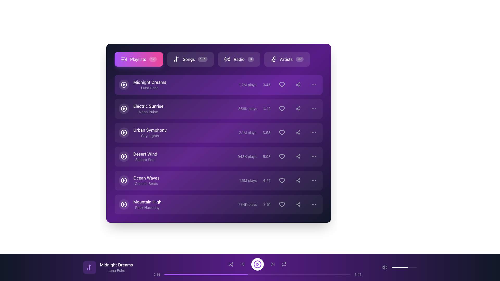 This screenshot has width=500, height=281. What do you see at coordinates (149, 88) in the screenshot?
I see `the text label providing additional context for 'Midnight Dreams', located in the second row of the list directly below the main label` at bounding box center [149, 88].